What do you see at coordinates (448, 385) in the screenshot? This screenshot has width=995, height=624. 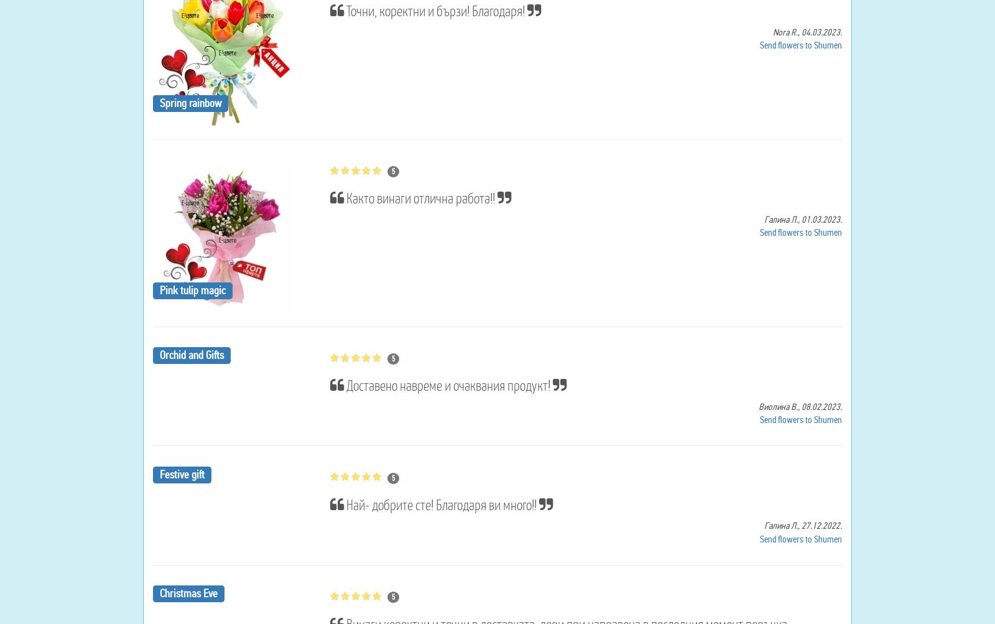 I see `'Доставено навреме и очаквания продукт!'` at bounding box center [448, 385].